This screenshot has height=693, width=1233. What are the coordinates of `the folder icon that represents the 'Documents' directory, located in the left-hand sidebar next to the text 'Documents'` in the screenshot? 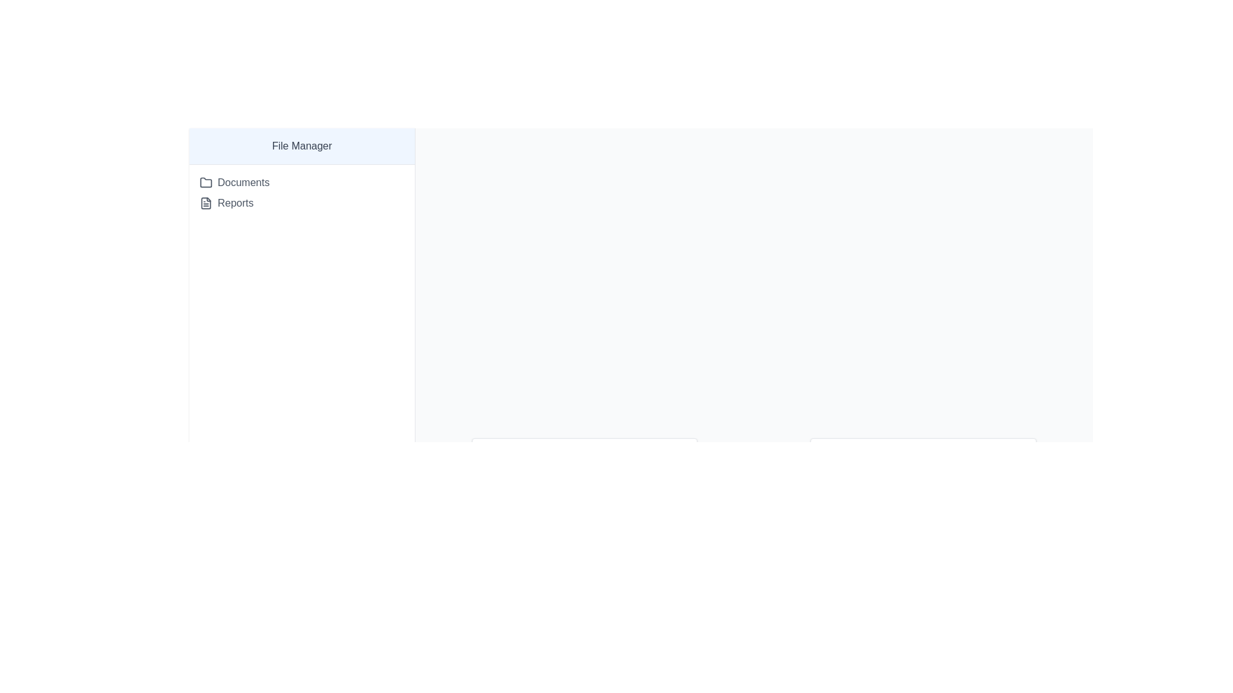 It's located at (206, 182).